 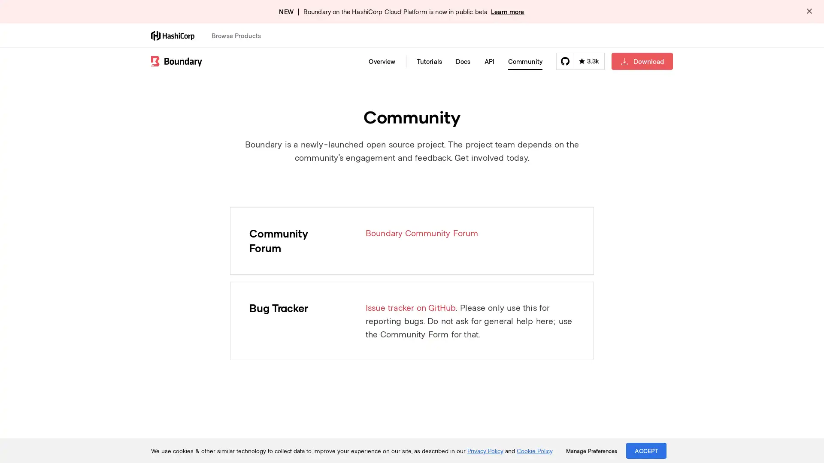 I want to click on ACCEPT, so click(x=646, y=450).